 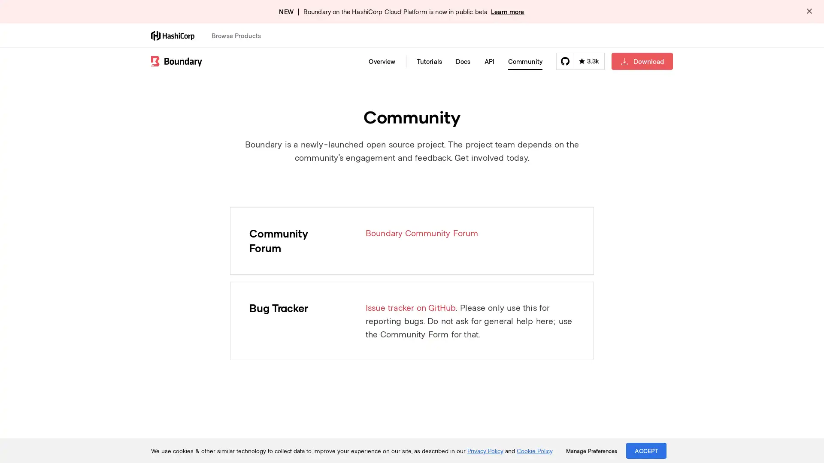 I want to click on ACCEPT, so click(x=646, y=450).